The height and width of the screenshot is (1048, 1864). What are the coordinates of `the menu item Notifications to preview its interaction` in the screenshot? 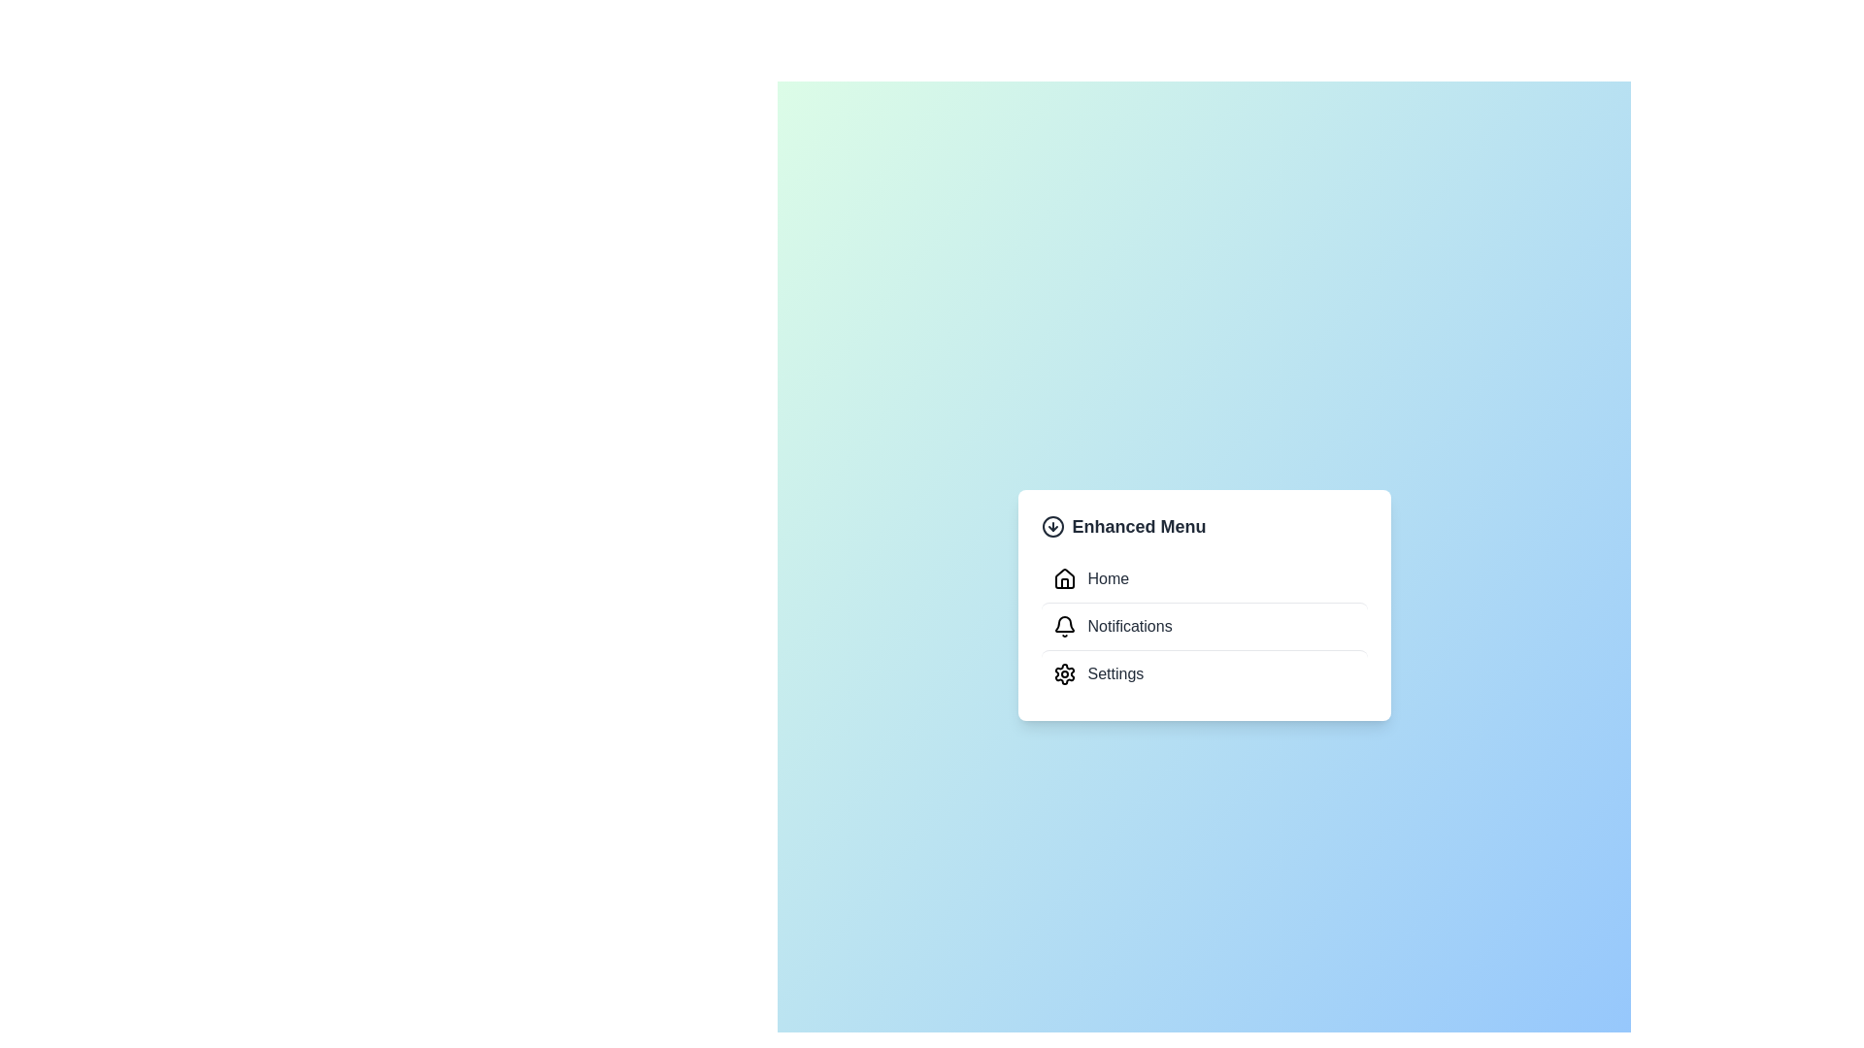 It's located at (1203, 626).